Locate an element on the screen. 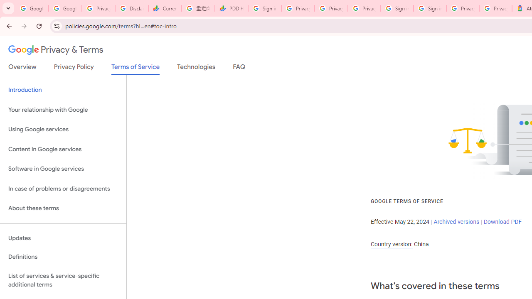 The image size is (532, 299). 'Software in Google services' is located at coordinates (63, 169).